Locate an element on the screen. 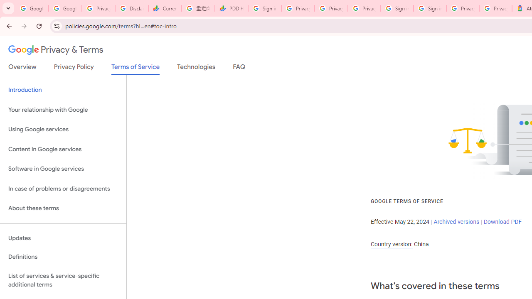 The image size is (532, 299). 'Software in Google services' is located at coordinates (63, 169).